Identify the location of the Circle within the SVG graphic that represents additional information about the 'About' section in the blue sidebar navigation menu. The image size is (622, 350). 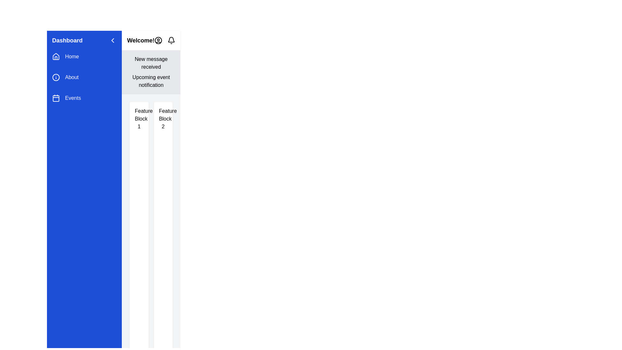
(56, 77).